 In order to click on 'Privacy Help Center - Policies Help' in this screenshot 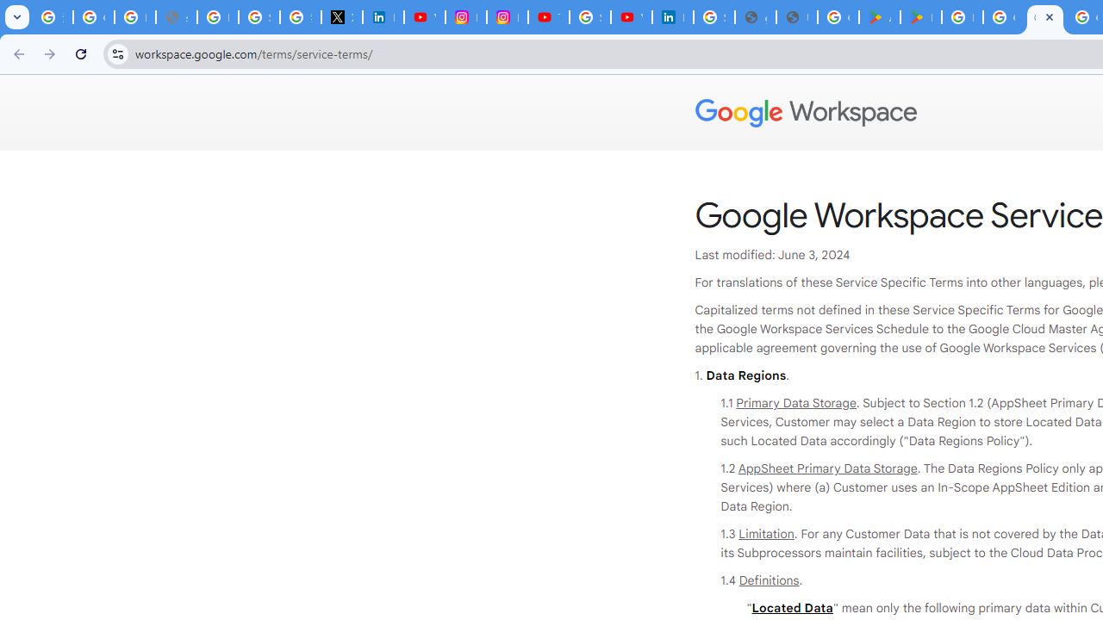, I will do `click(216, 17)`.